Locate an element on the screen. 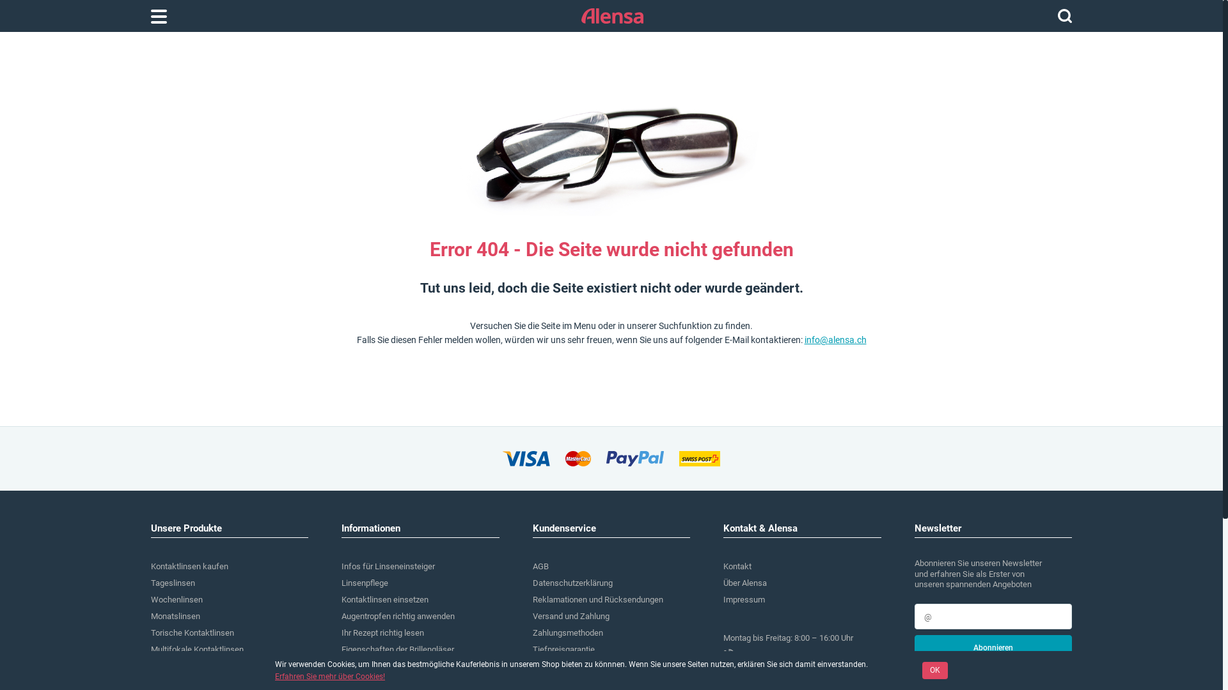 The image size is (1228, 690). 'Pflegemittel' is located at coordinates (171, 682).